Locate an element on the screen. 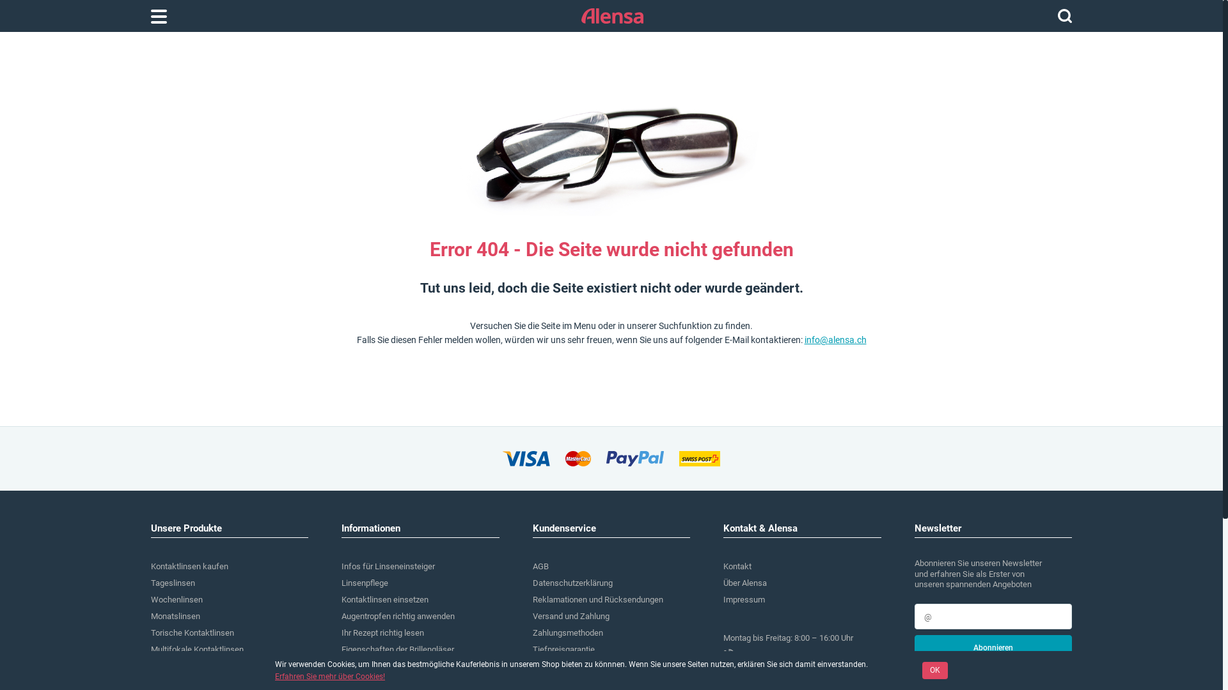 The image size is (1228, 690). 'Pflegemittel' is located at coordinates (171, 682).